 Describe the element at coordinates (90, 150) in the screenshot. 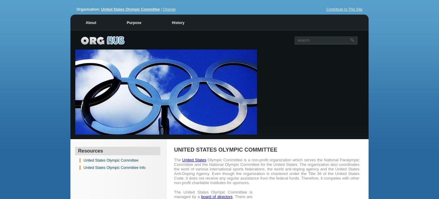

I see `'Resources'` at that location.